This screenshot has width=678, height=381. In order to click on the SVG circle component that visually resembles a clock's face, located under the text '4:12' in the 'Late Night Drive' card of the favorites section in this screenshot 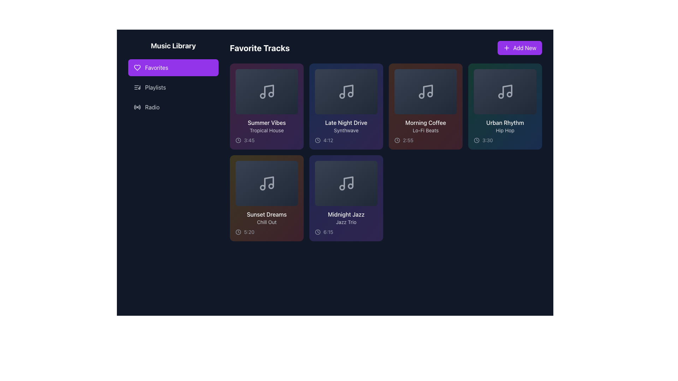, I will do `click(317, 140)`.